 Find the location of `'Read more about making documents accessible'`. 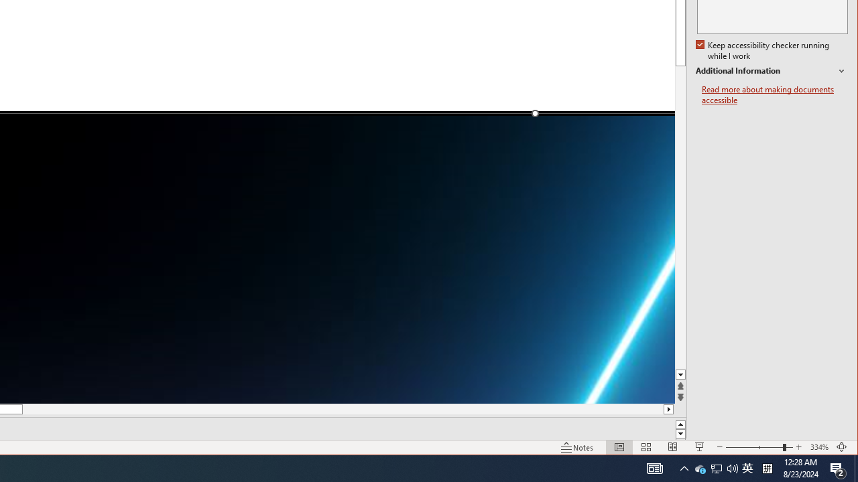

'Read more about making documents accessible' is located at coordinates (772, 71).